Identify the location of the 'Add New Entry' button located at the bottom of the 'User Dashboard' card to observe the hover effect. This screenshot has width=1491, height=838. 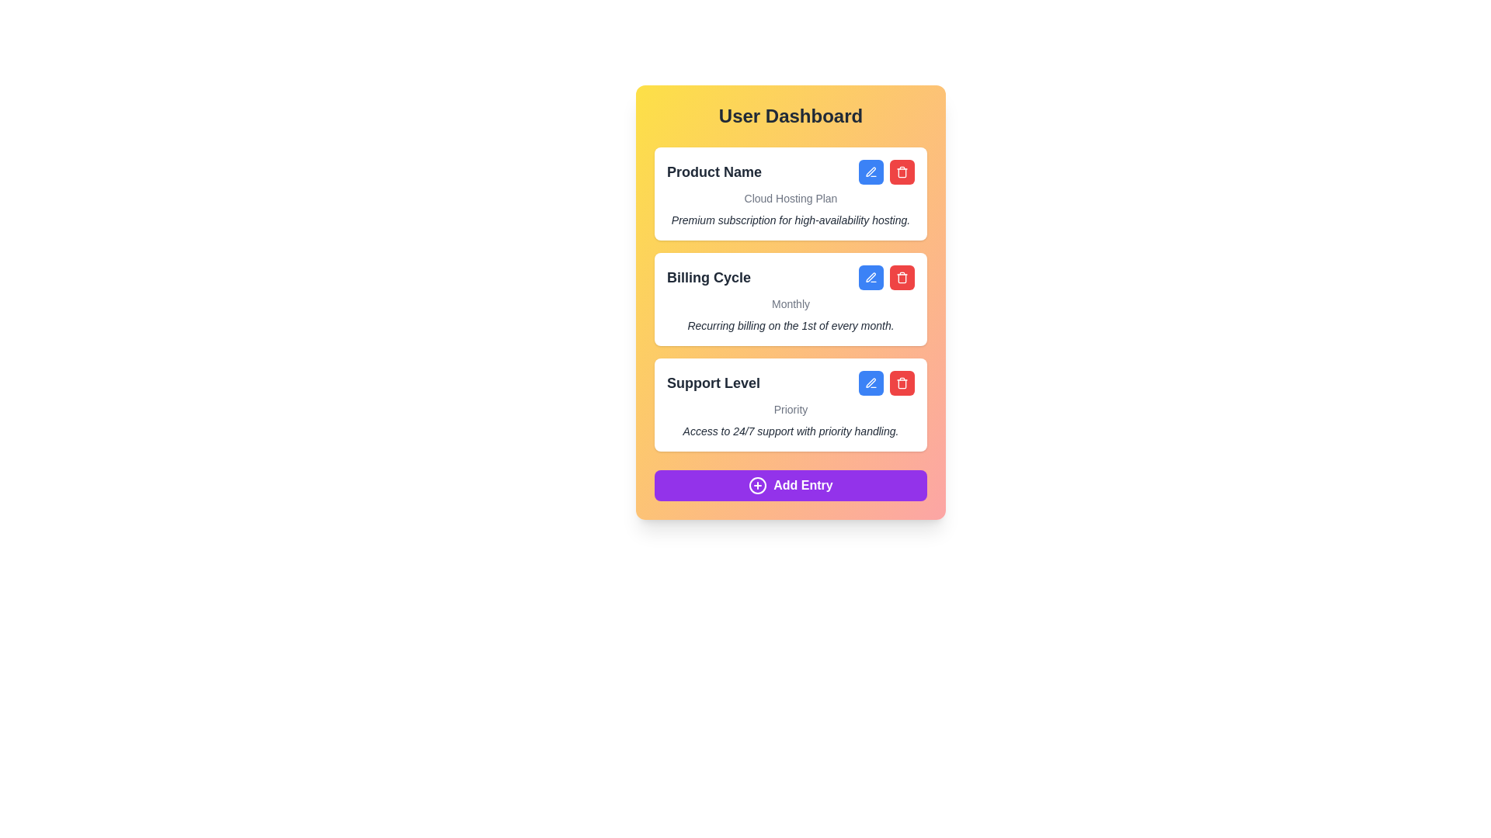
(791, 484).